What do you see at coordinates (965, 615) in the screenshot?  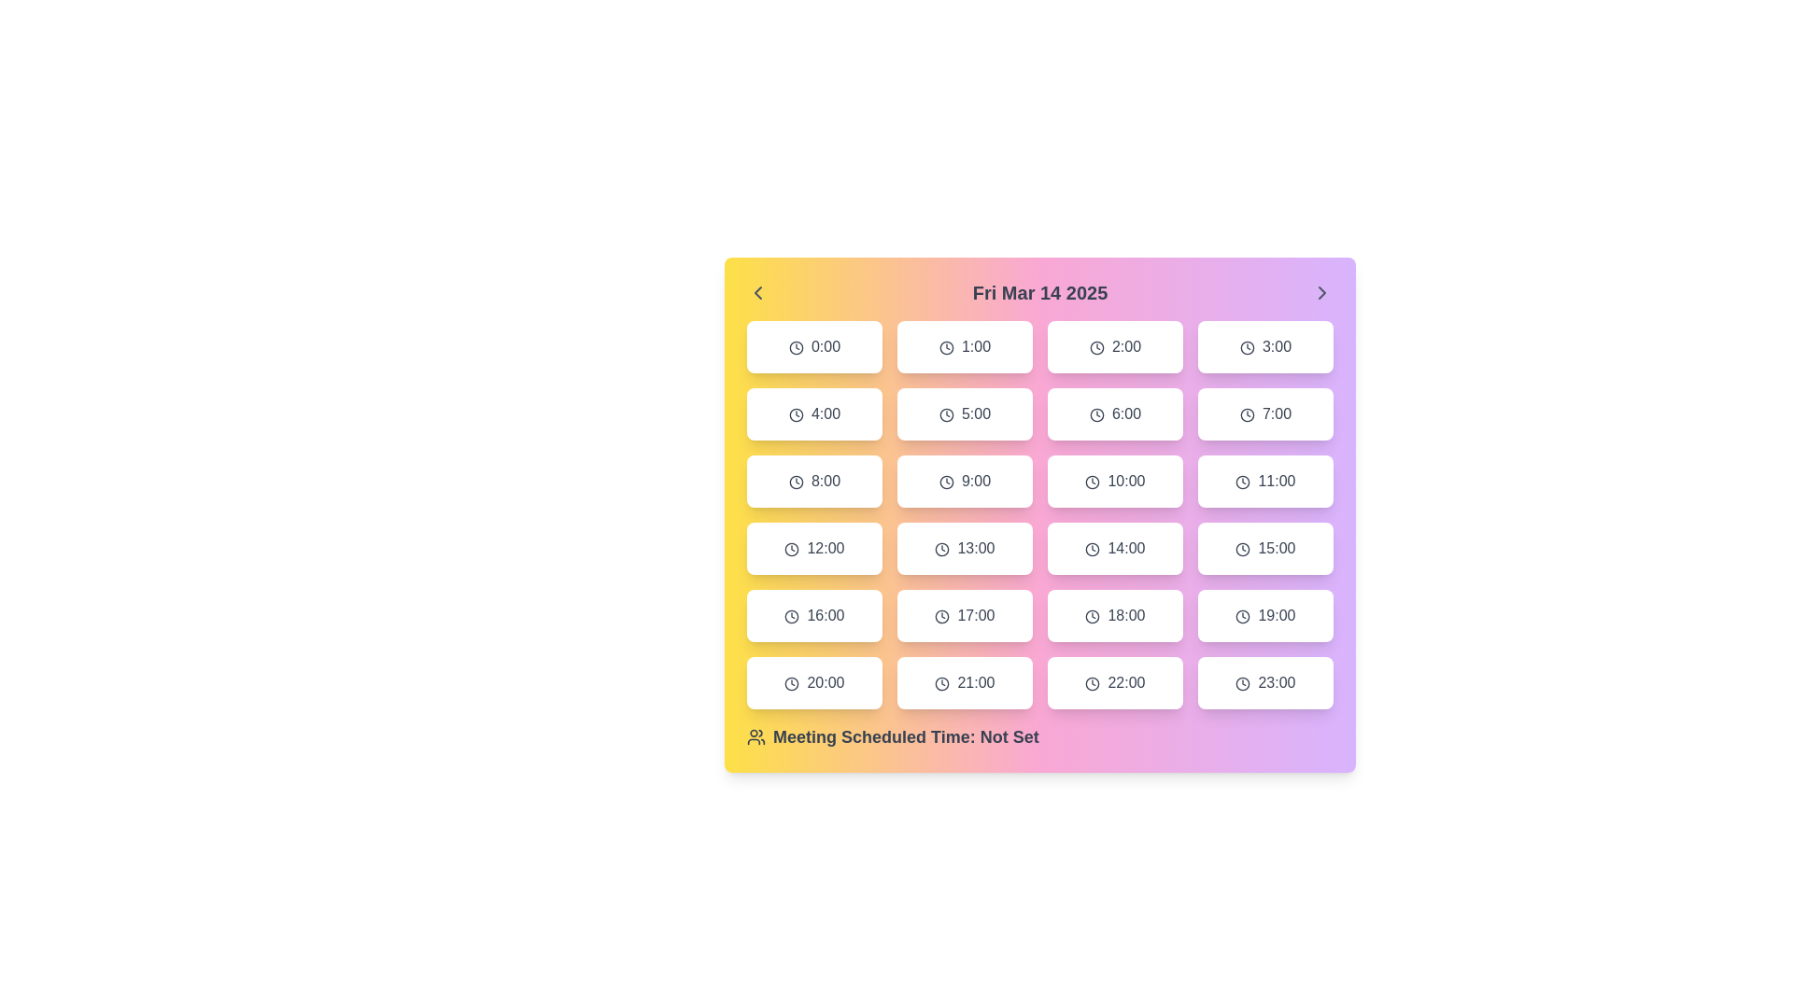 I see `the '17:00' time slot button located in the 2nd column and 5th row of the grid` at bounding box center [965, 615].